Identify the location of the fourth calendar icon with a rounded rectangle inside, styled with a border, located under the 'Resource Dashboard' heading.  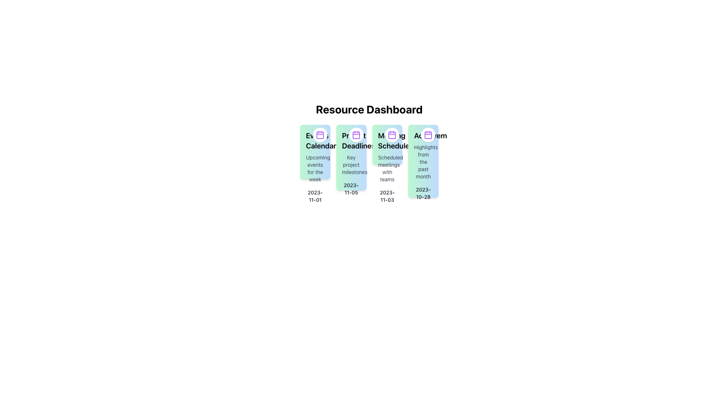
(428, 135).